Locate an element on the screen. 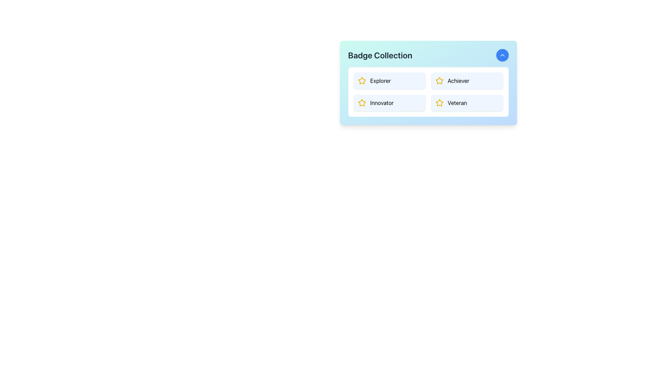  the star icon with a yellow outline that represents the 'Innovator' badge, located in the second row, first column of the 'Badge Collection' section is located at coordinates (361, 103).